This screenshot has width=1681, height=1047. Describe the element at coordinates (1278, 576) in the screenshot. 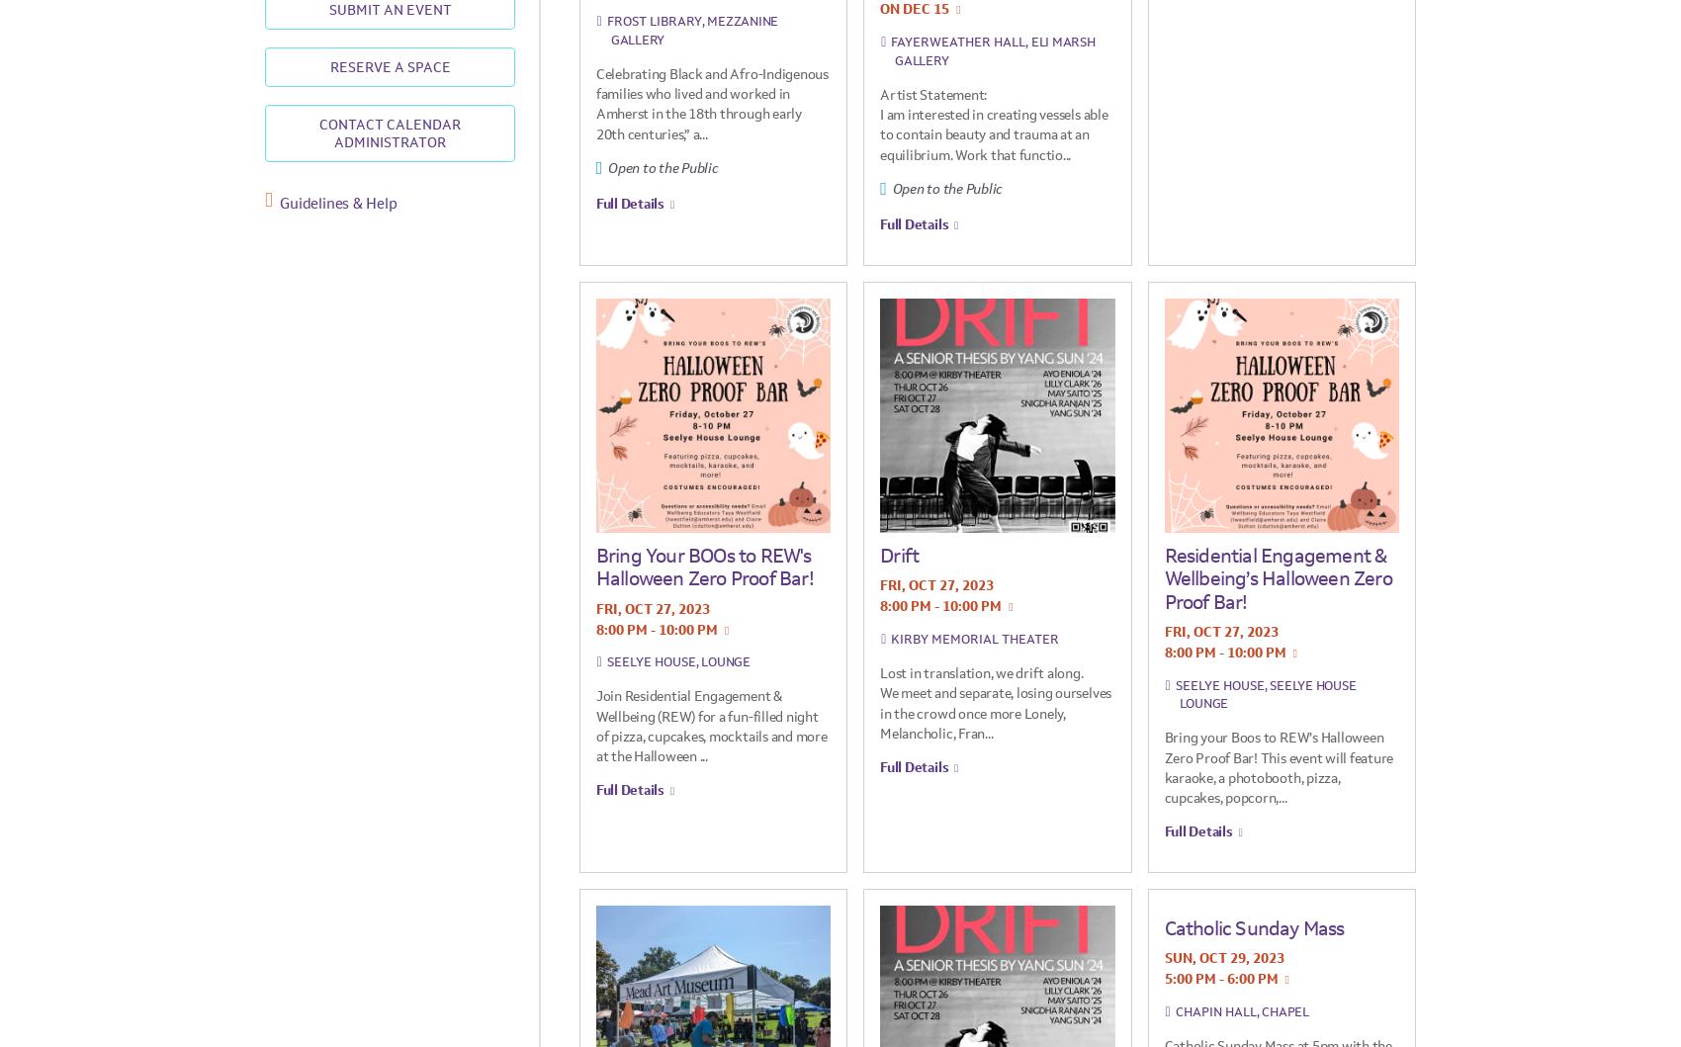

I see `'Residential Engagement & Wellbeing’s Halloween Zero Proof Bar!'` at that location.